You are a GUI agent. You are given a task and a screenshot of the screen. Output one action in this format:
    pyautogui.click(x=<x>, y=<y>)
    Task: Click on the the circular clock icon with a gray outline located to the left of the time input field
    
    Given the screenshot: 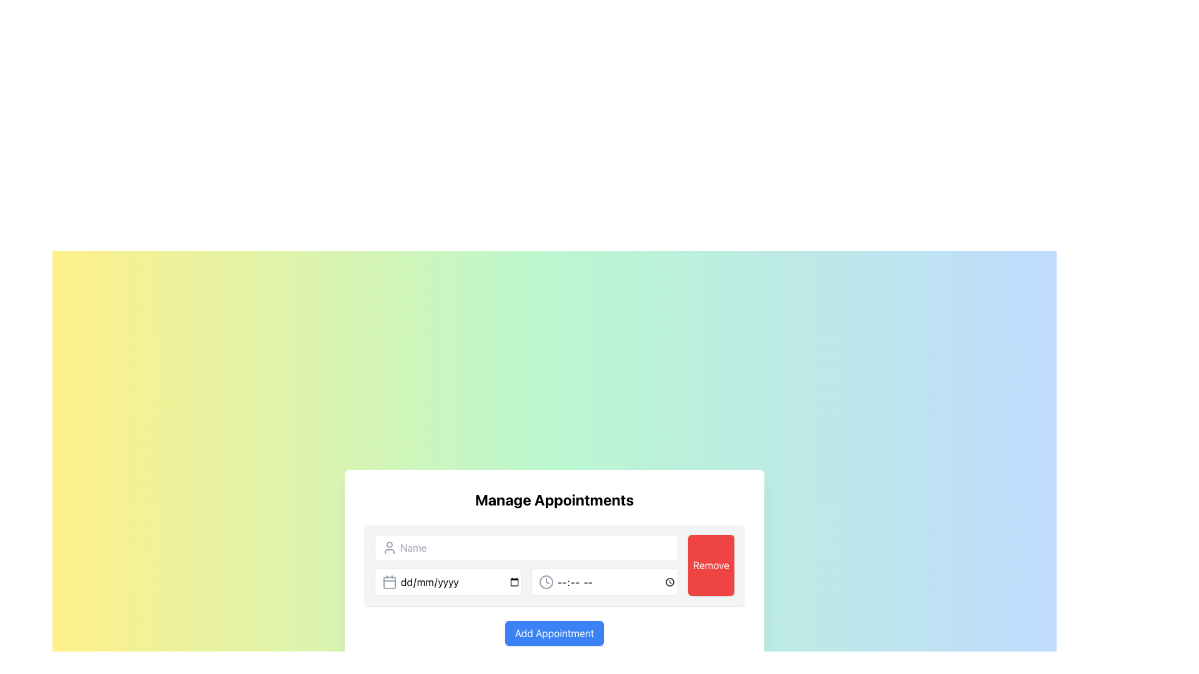 What is the action you would take?
    pyautogui.click(x=546, y=582)
    